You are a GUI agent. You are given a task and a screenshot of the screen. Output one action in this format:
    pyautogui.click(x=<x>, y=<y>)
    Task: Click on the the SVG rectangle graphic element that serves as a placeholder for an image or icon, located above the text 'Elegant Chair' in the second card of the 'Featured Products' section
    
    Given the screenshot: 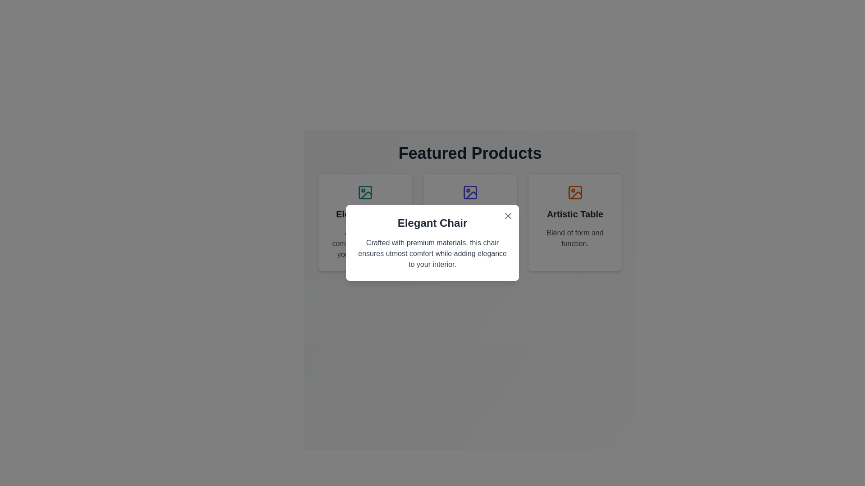 What is the action you would take?
    pyautogui.click(x=469, y=192)
    